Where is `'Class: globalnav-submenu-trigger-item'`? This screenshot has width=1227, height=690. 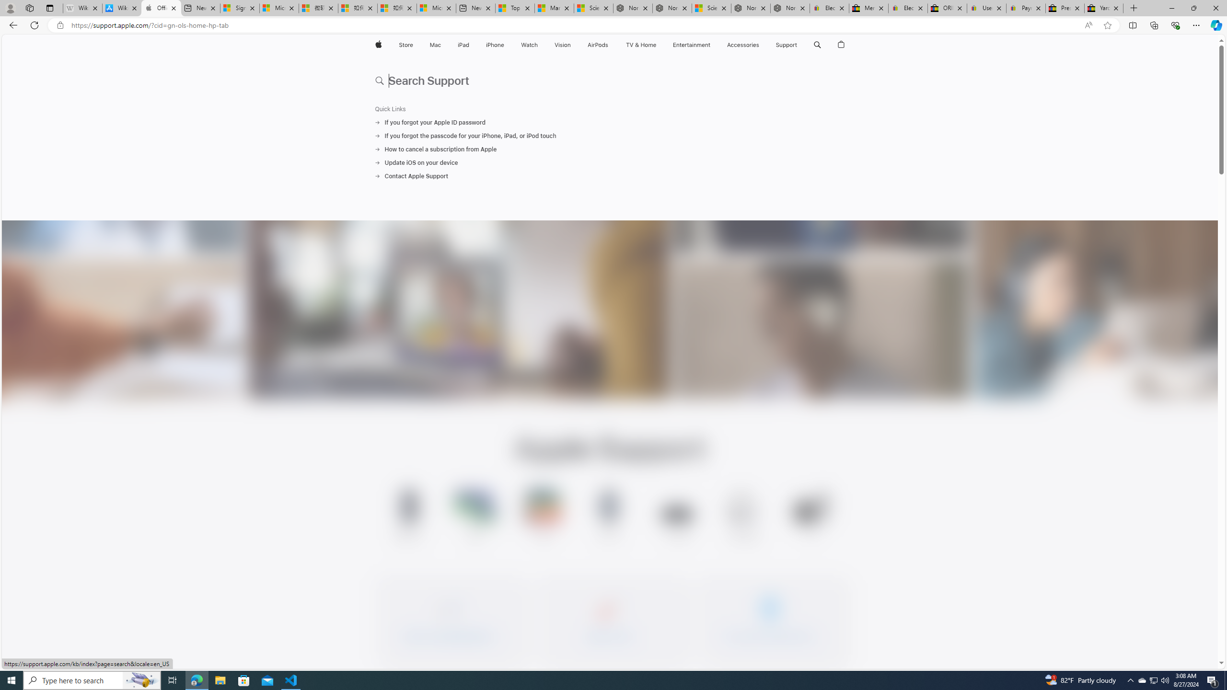 'Class: globalnav-submenu-trigger-item' is located at coordinates (799, 45).